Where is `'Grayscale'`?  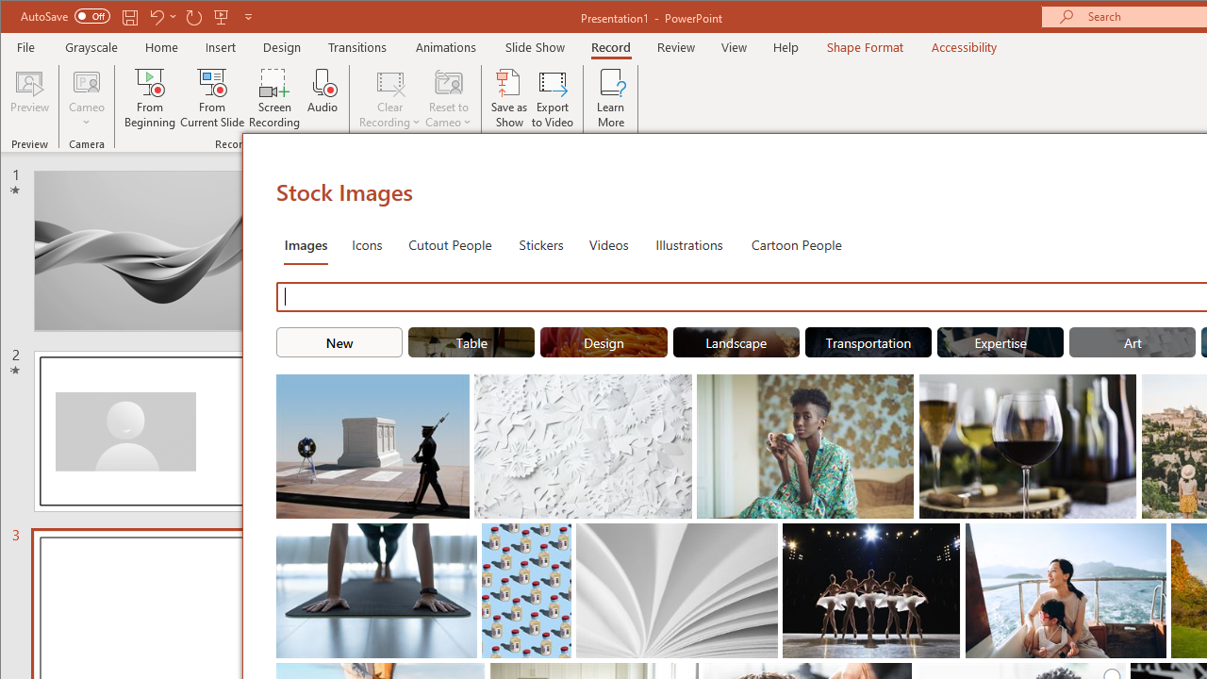
'Grayscale' is located at coordinates (91, 46).